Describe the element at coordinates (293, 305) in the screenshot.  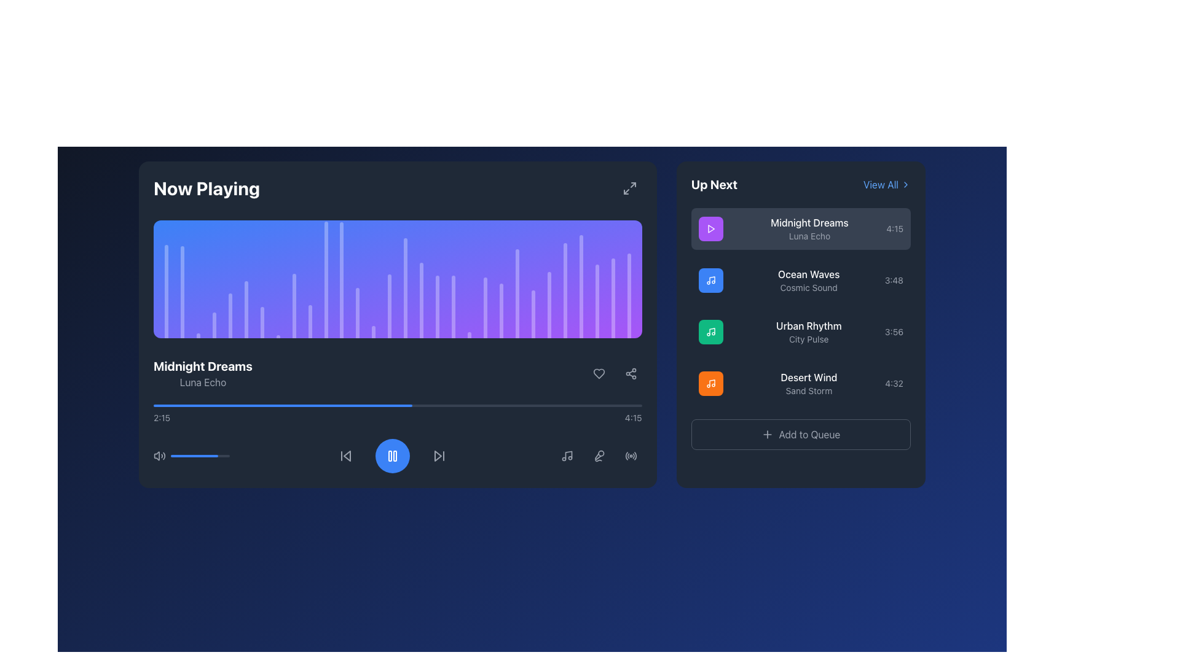
I see `the 9th vertical bar in the sound equalizer visualizer, which is a translucent white gradient bar among 30 similar bars` at that location.